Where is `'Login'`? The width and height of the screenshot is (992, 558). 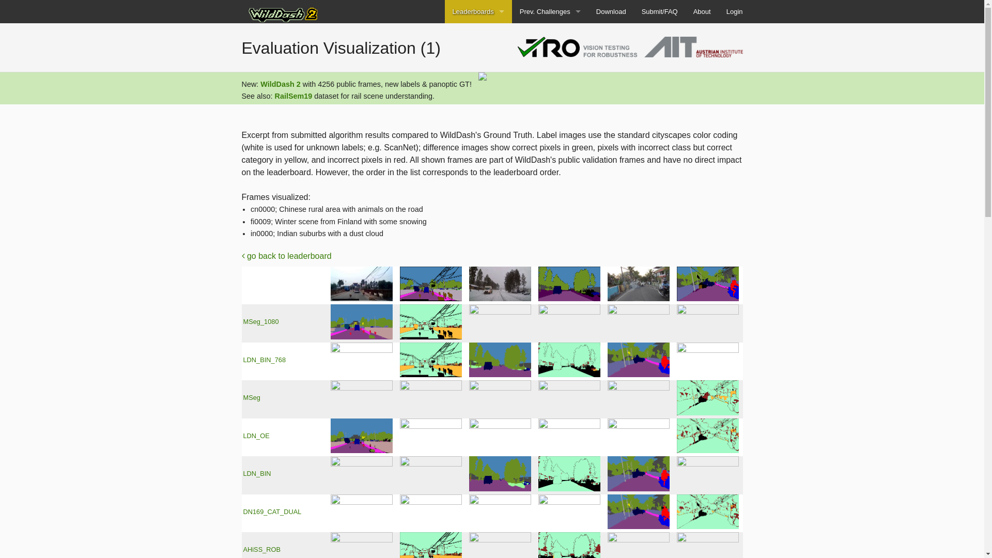
'Login' is located at coordinates (734, 11).